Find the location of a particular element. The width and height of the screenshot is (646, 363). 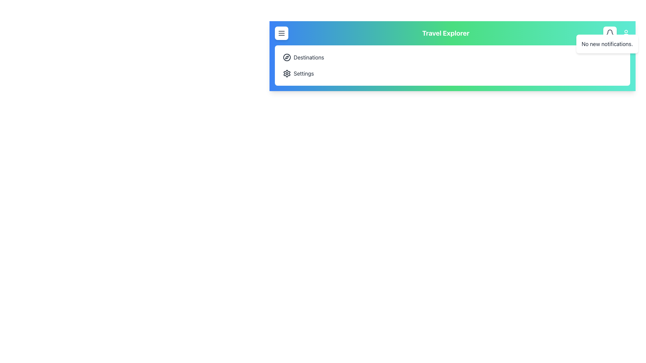

the hamburger menu button located at the far left of the header bar is located at coordinates (281, 33).